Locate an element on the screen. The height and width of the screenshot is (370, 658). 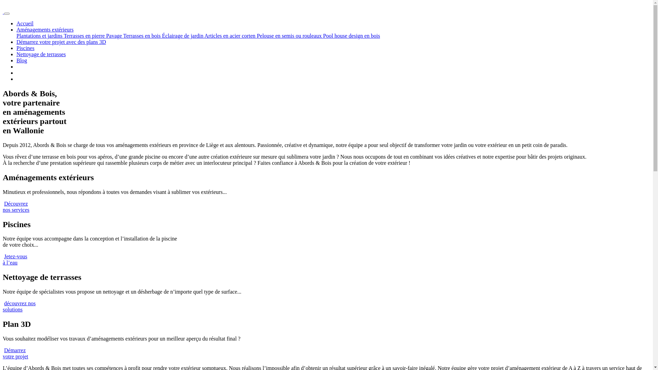
'Terrasses en pierre' is located at coordinates (85, 36).